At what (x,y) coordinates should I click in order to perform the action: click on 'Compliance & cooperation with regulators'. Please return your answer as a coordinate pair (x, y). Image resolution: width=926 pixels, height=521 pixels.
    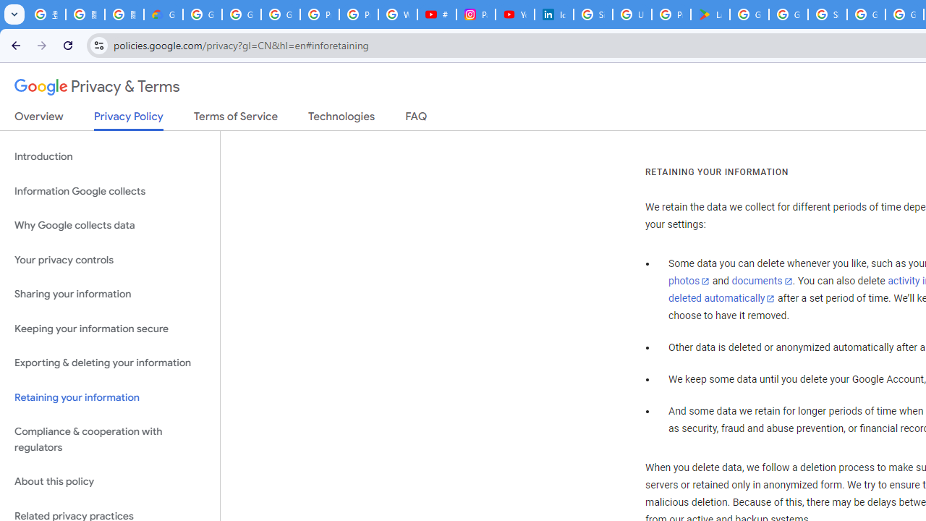
    Looking at the image, I should click on (109, 439).